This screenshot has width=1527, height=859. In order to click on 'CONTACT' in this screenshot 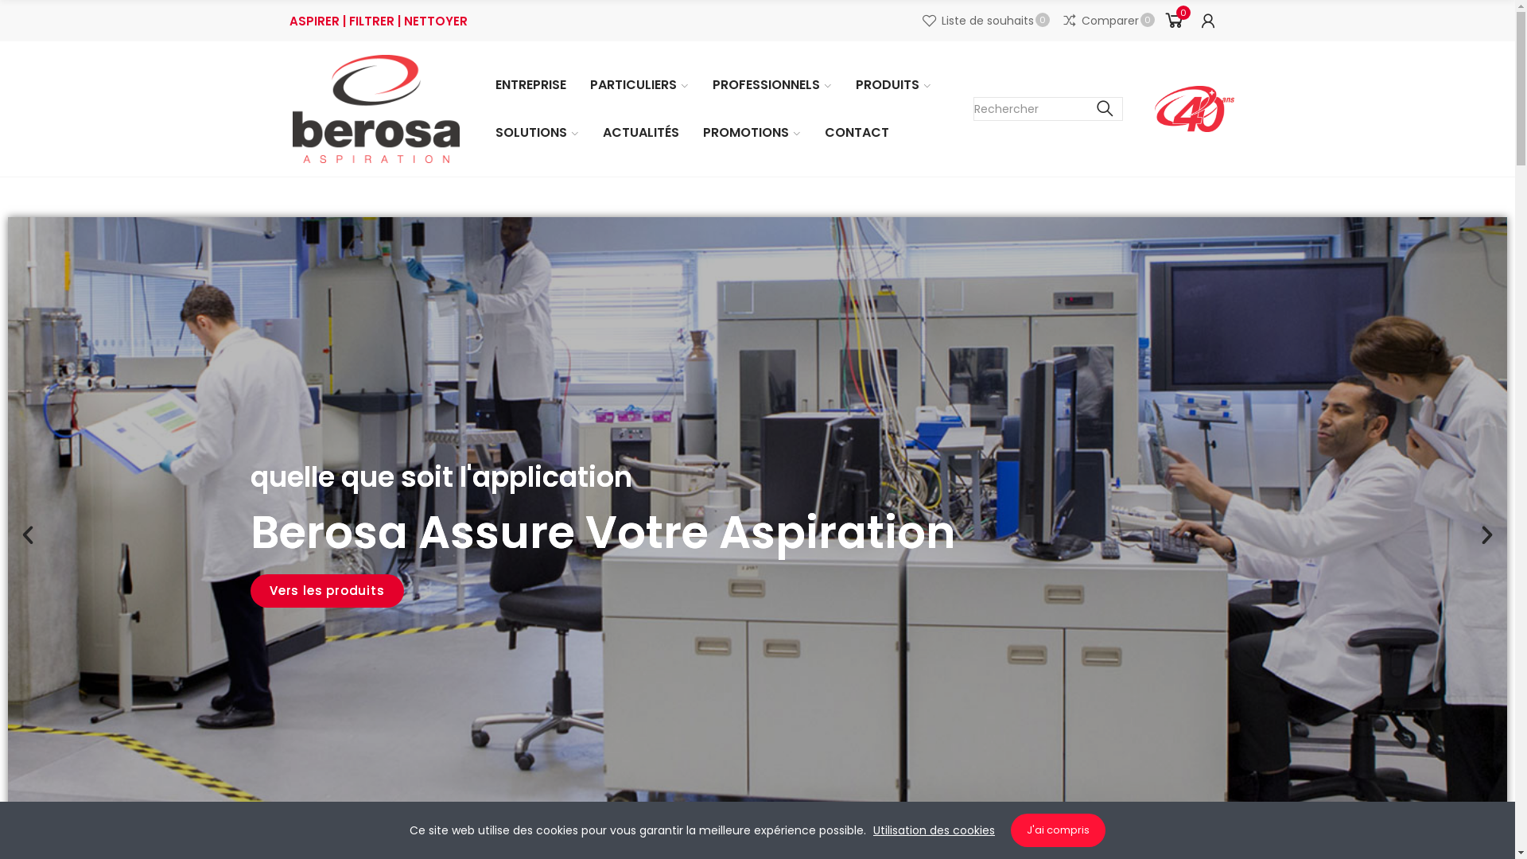, I will do `click(856, 131)`.